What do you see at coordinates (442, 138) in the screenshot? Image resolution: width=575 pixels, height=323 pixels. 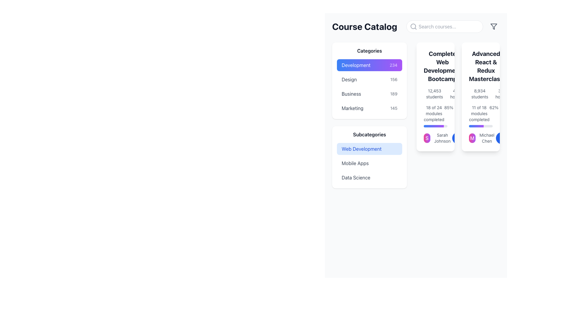 I see `the Text Label displaying 'Sarah Johnson', which is located to the right of a circular avatar with the letter 'S'` at bounding box center [442, 138].